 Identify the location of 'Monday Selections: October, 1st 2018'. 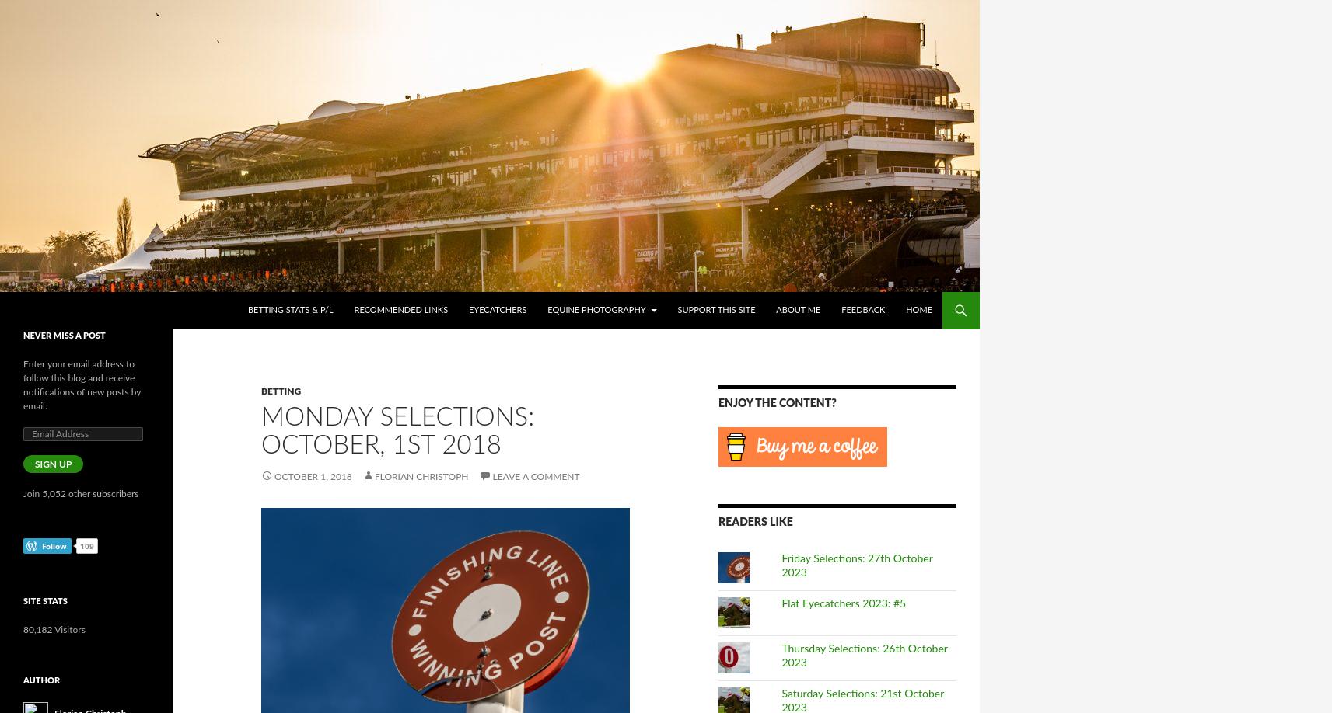
(397, 430).